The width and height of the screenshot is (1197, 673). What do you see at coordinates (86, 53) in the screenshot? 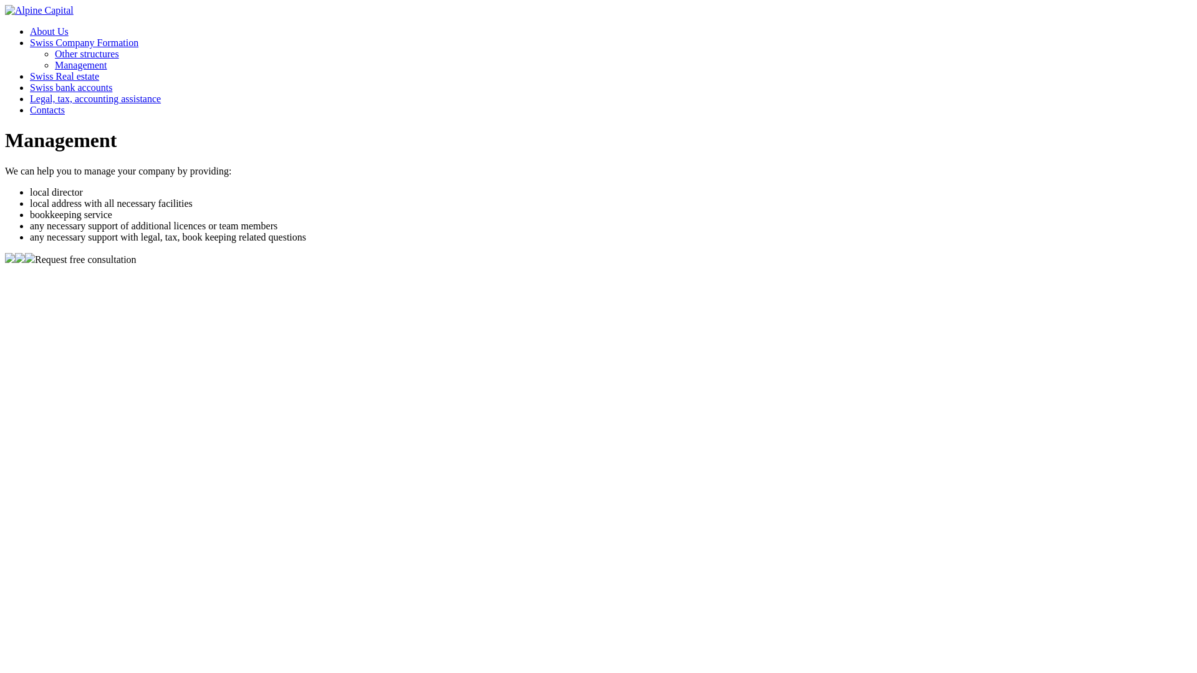
I see `'Other structures'` at bounding box center [86, 53].